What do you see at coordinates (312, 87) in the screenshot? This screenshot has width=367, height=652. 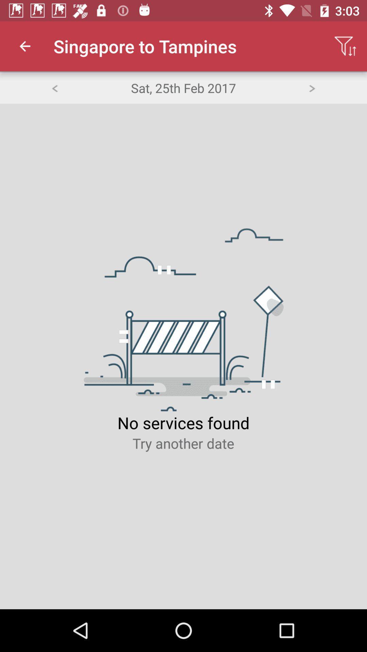 I see `the arrow_forward icon` at bounding box center [312, 87].